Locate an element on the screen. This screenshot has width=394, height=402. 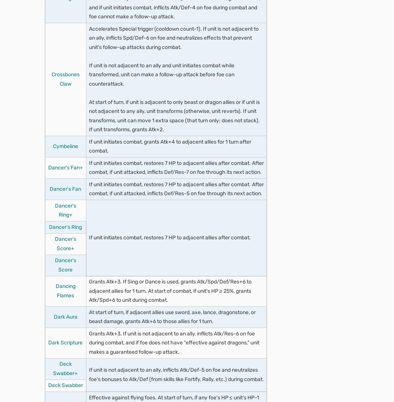
'Spur Def/Res 1' is located at coordinates (78, 118).